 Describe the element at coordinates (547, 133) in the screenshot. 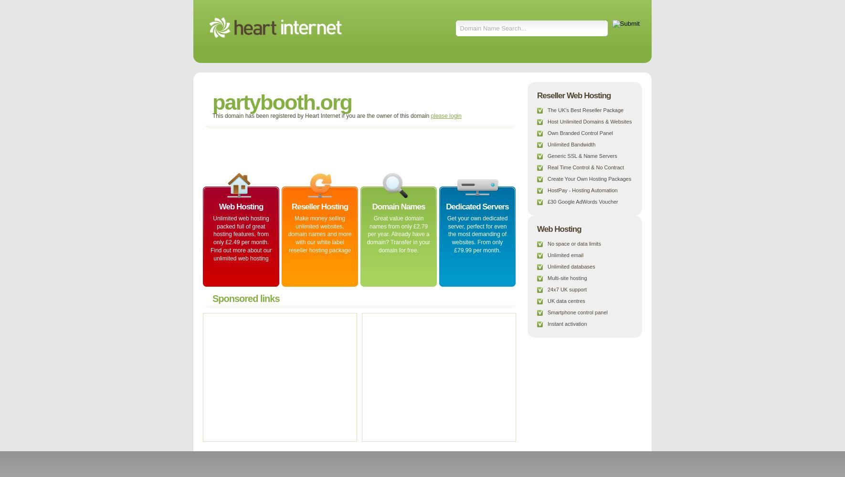

I see `'Own Branded Control Panel'` at that location.